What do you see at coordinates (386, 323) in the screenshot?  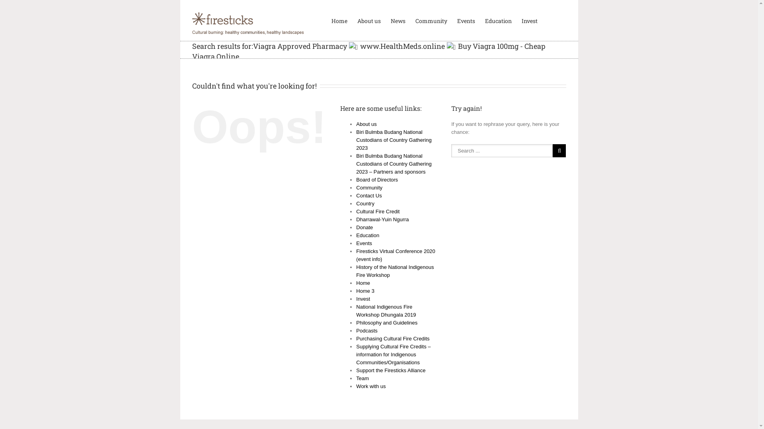 I see `'Philosophy and Guidelines'` at bounding box center [386, 323].